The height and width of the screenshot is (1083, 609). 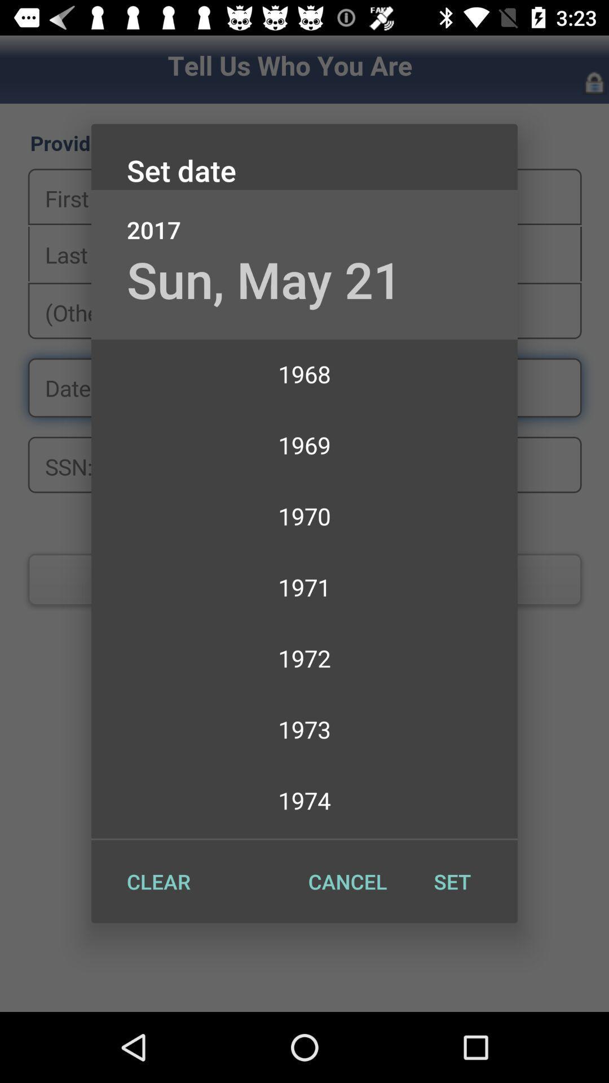 I want to click on the clear, so click(x=158, y=881).